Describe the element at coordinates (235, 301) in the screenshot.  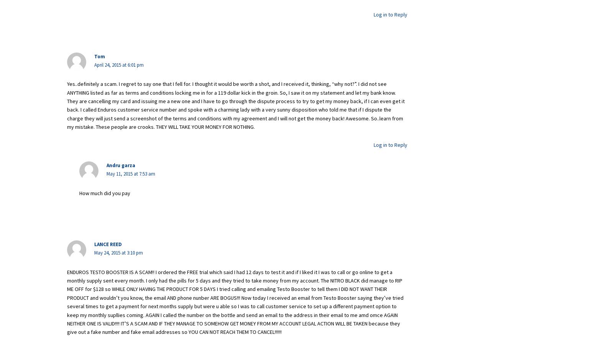
I see `'ENDUROS TESTO BOOSTER IS A SCAM!! I ordered the FREE trial which said I had 12 days to test it and if I liked it I was to call or go online to get a monthly supply sent every month. I only had the pills for 5 days and they tried to take money from my account. The NITRO BLACK did manage to RIP ME OFF for $128 so WHILE ONLY HAVING THE PRODUCT FOR 5 DAYS I tried calling and emailing Testo Booster to tell them I DID NOT WANT THEIR PRODUCT and wouldn’t you know, the email AND phone nunber ARE BOGUS!!! Now today I received an email from Testo Booster saying they’ve tried several times to get a payment for next months supply but were u able so I was to call customer service to set up a different payment option to keep my monthly supllies coming. AGAIN I called the number on the bottle and send an email to the address in their email to me amd omce AGAIN NEITHER ONE IS VALID!!!! IT’S A SCAM AND IF THEY MANAGE TO SOMEHOW GET MONEY FROM MY ACCOUNT LEGAL ACTION WILL BE TAKEN because they give out a fake number and fake email addresses so YOU CAN NOT REACH THEM TO CANCEL!!!!!!'` at that location.